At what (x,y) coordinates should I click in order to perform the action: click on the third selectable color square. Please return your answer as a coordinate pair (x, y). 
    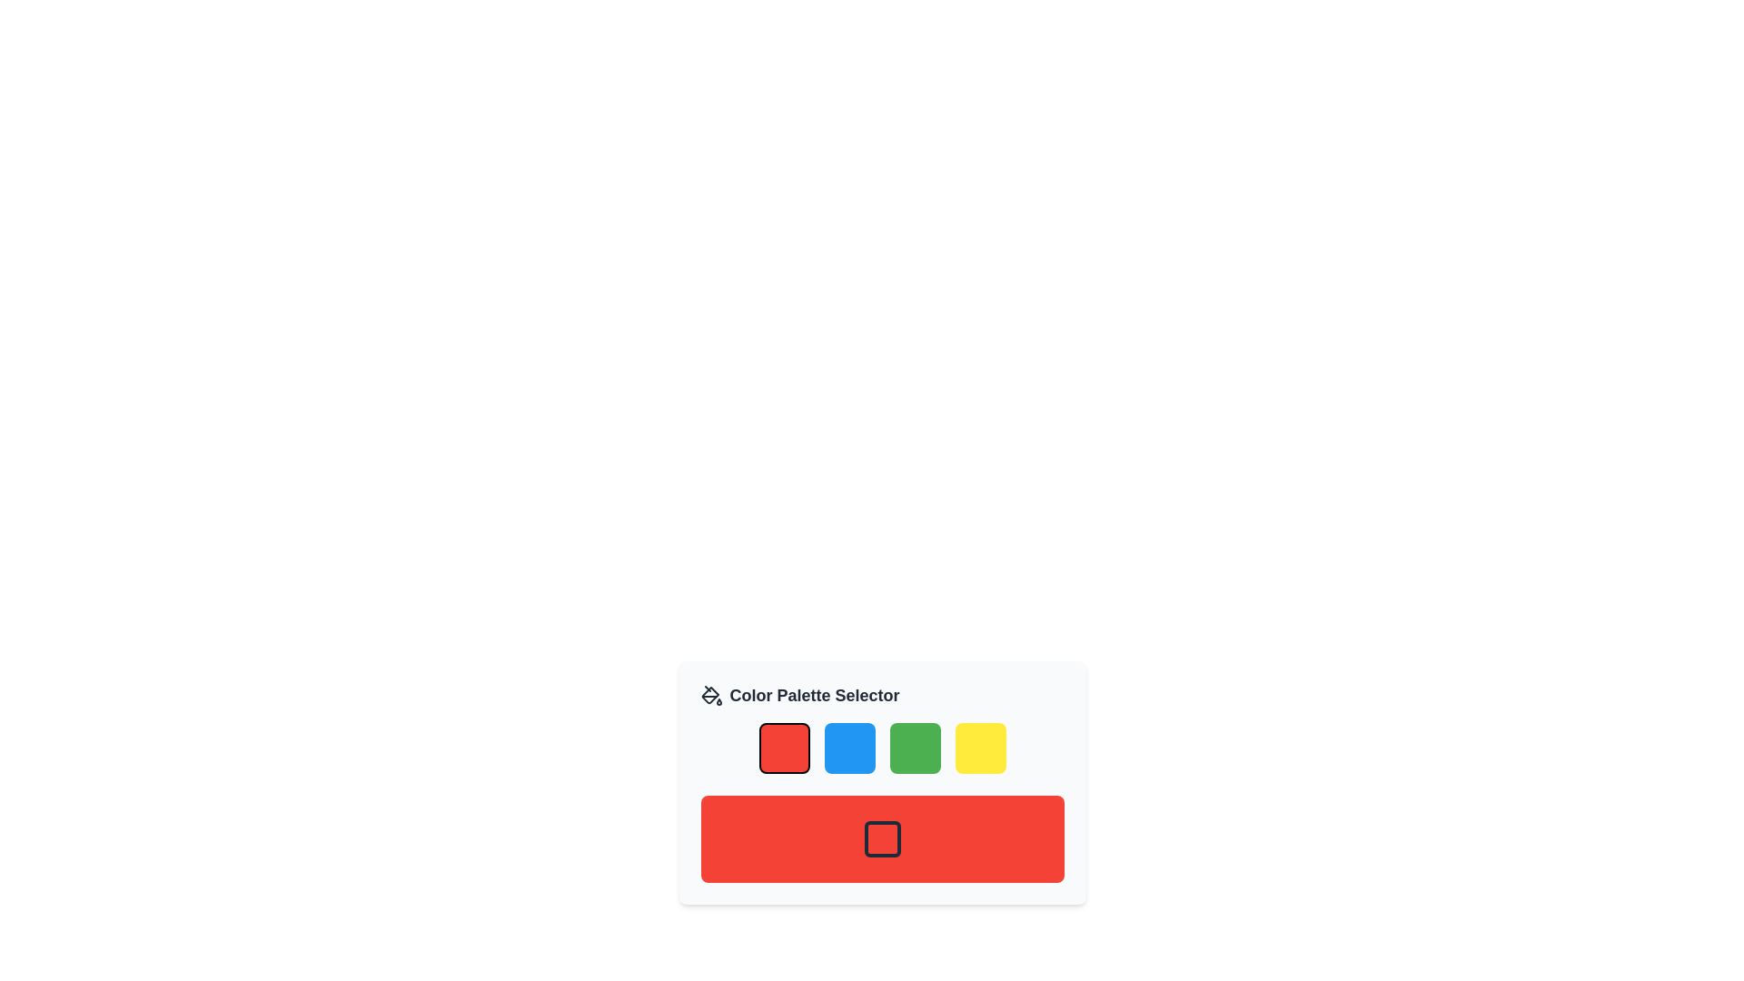
    Looking at the image, I should click on (915, 748).